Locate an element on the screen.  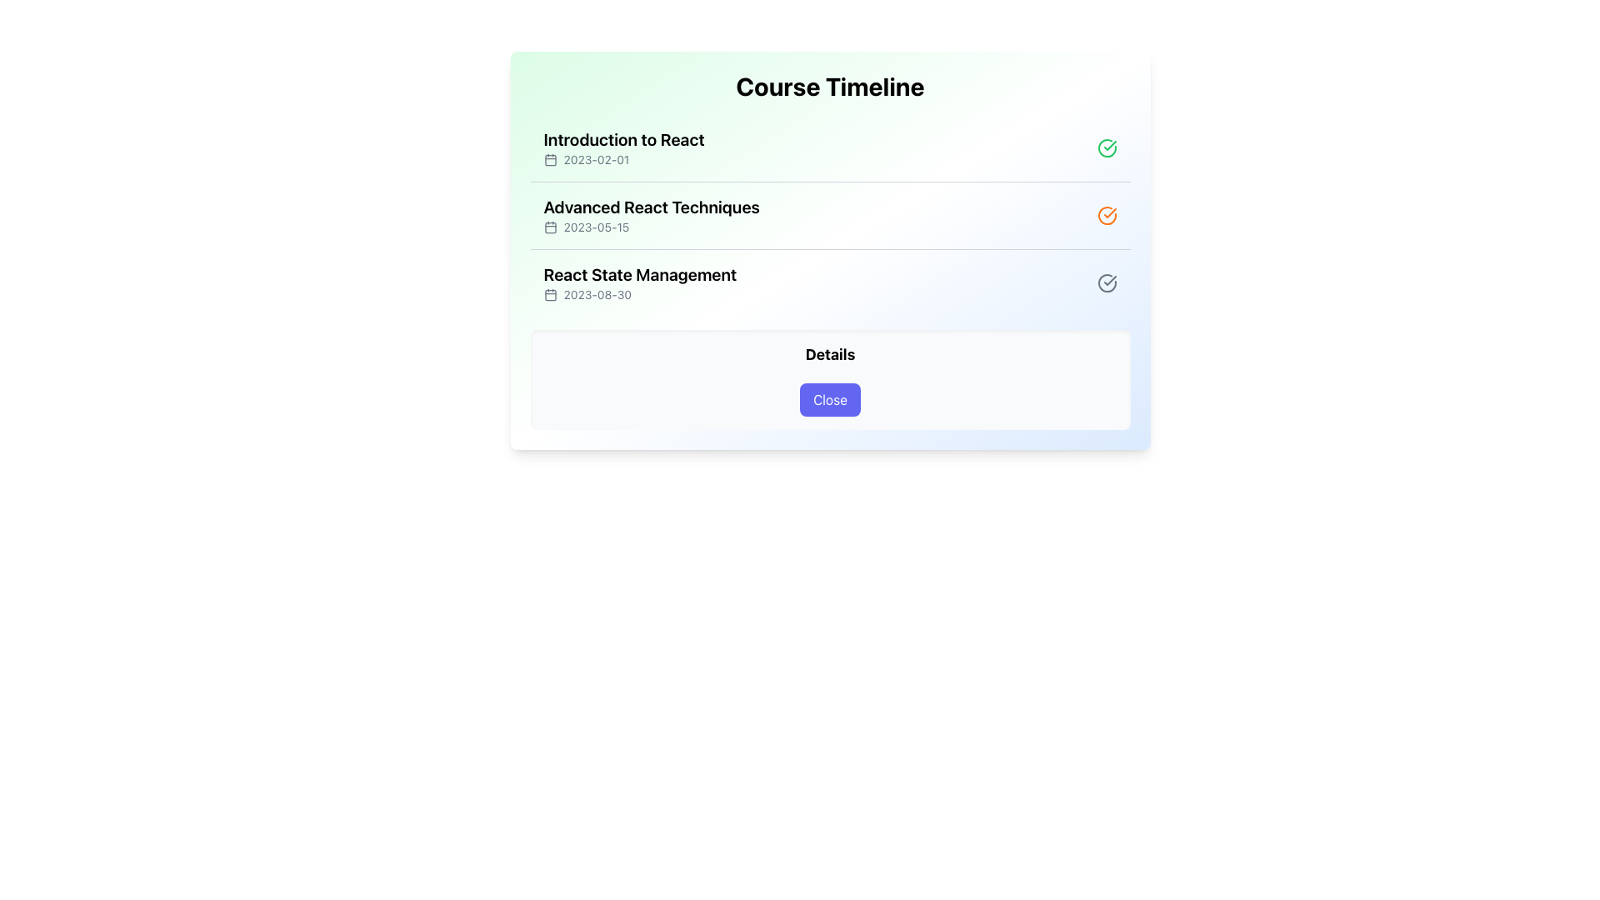
the calendar icon located to the left of the text '2023-08-30', which serves as a visual indicator for date-related functionality is located at coordinates (550, 294).